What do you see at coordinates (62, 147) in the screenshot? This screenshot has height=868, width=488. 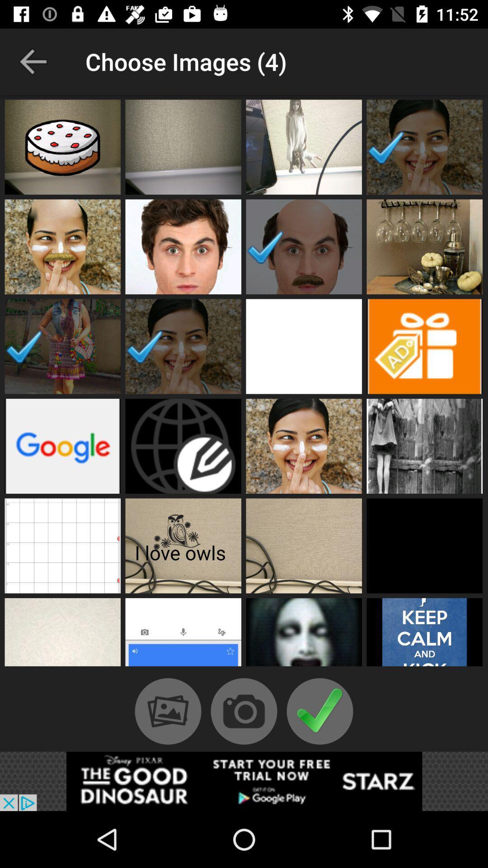 I see `choose image` at bounding box center [62, 147].